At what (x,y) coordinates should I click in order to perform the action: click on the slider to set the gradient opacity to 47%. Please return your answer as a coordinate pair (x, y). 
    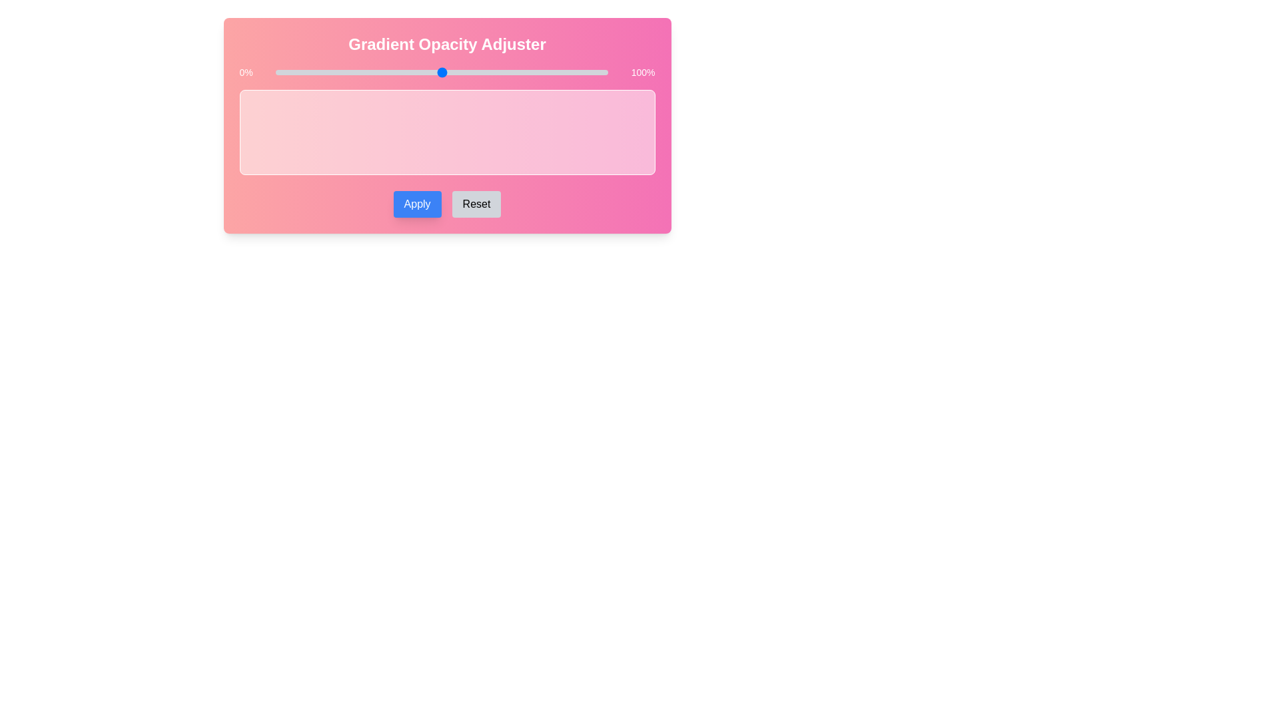
    Looking at the image, I should click on (432, 72).